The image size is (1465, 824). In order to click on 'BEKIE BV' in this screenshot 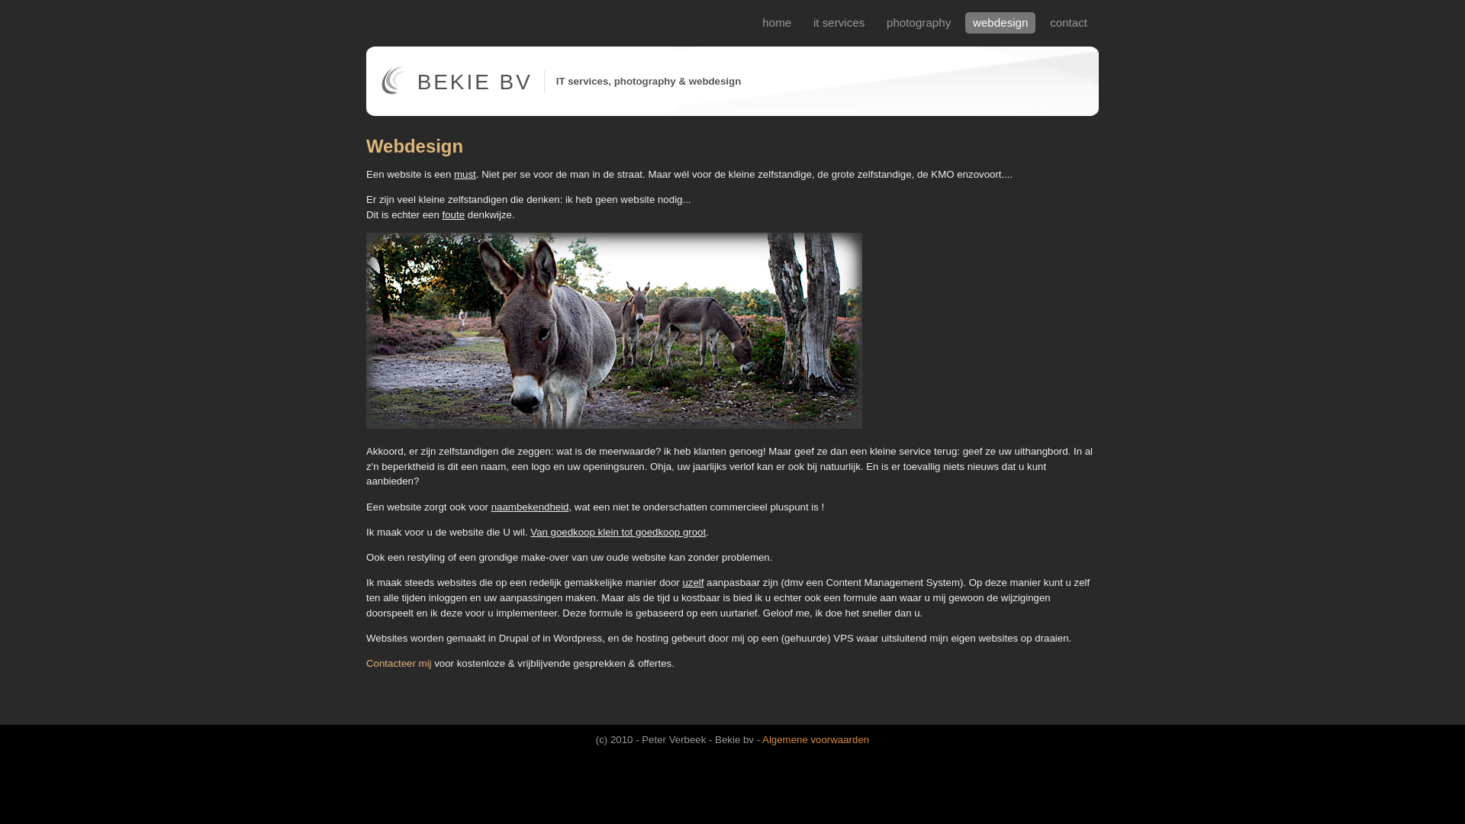, I will do `click(474, 82)`.